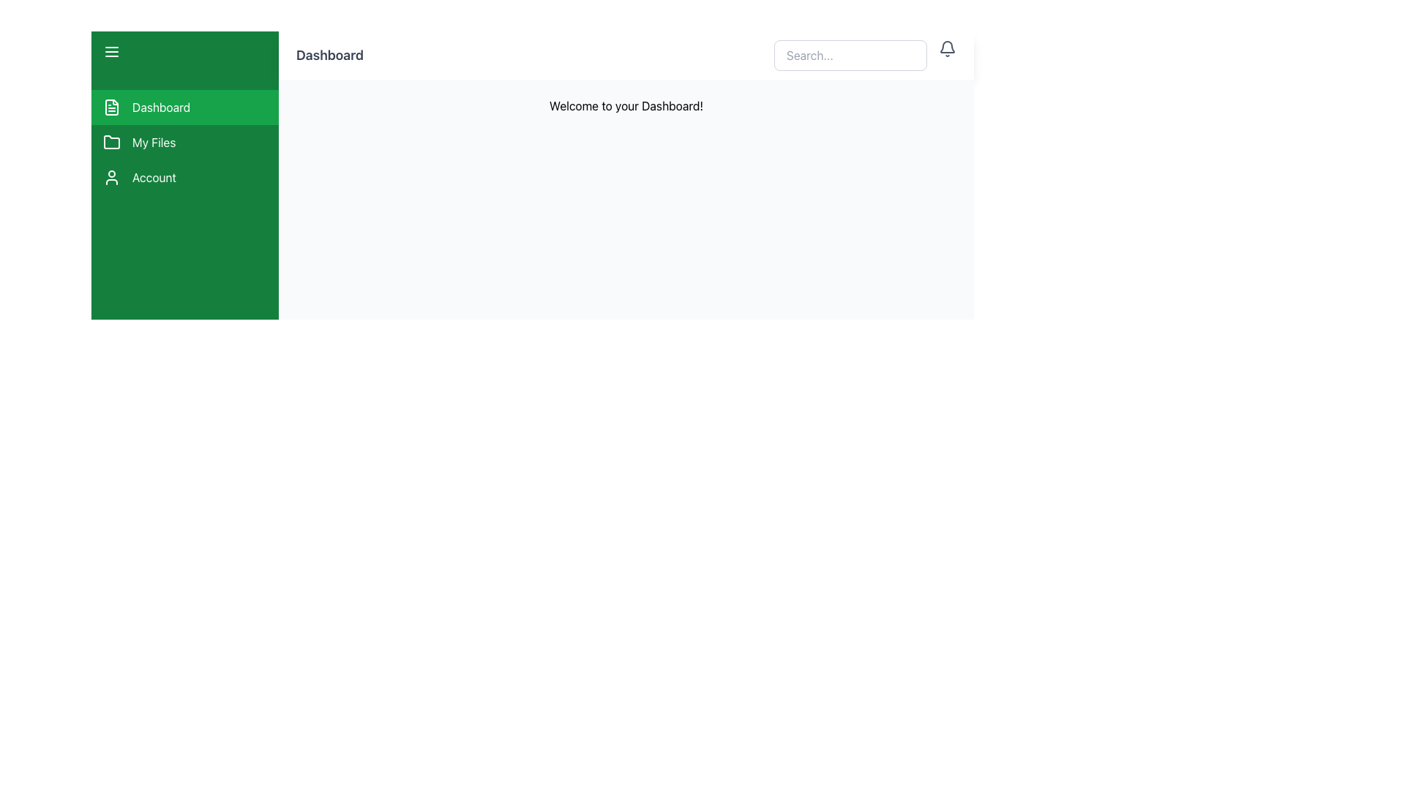 The image size is (1405, 790). I want to click on the Dashboard icon located at the top of the navigation list in the sidebar for identification purposes, so click(111, 106).